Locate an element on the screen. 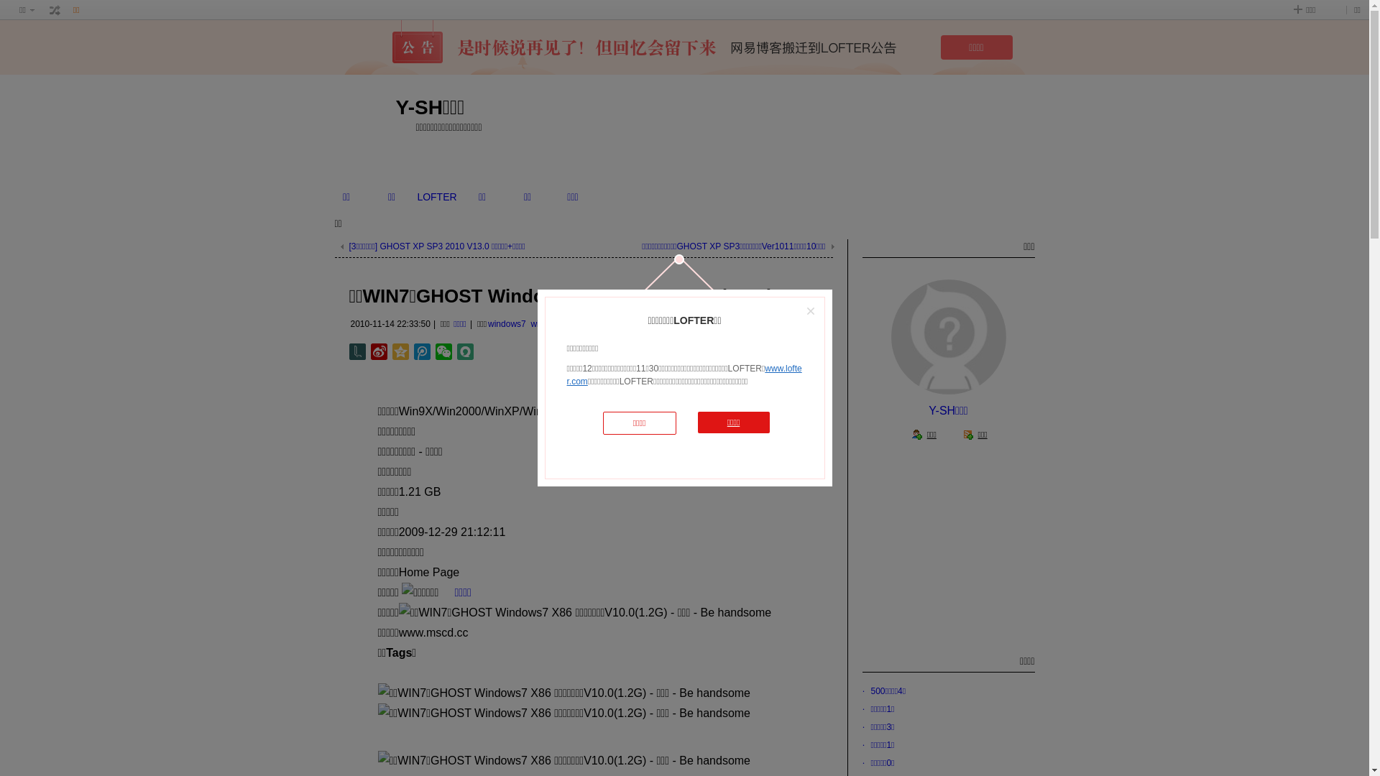  'windows7' is located at coordinates (507, 324).